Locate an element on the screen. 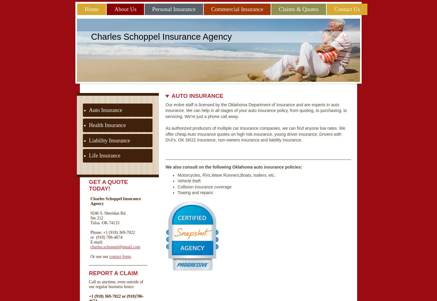 The width and height of the screenshot is (437, 301). 'Get a Quote Today!' is located at coordinates (108, 185).